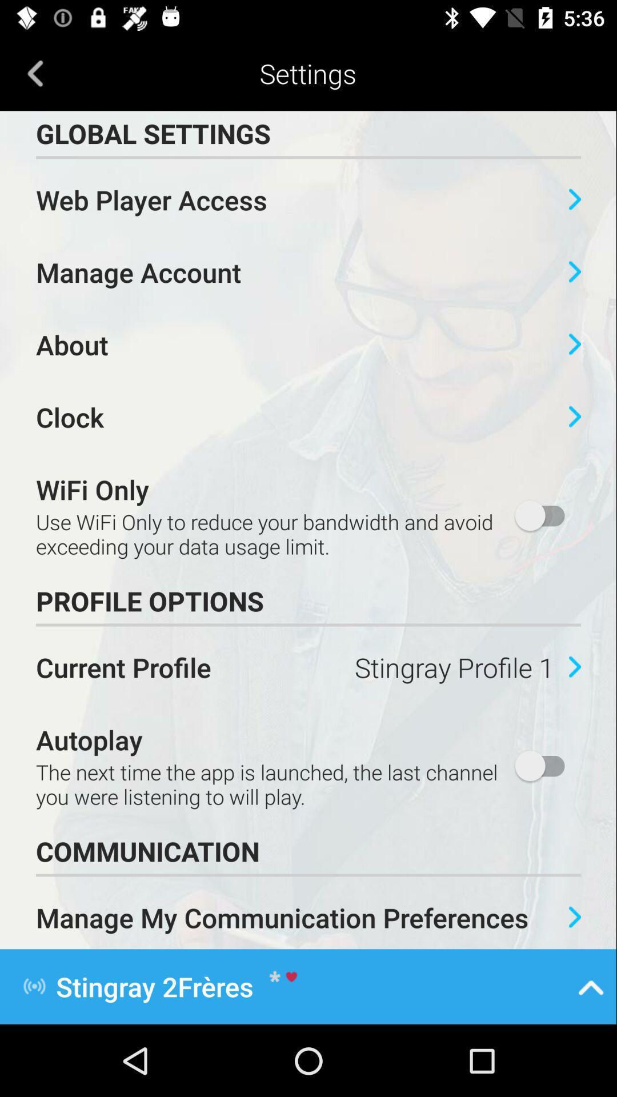 Image resolution: width=617 pixels, height=1097 pixels. What do you see at coordinates (35, 73) in the screenshot?
I see `the arrow_backward icon` at bounding box center [35, 73].